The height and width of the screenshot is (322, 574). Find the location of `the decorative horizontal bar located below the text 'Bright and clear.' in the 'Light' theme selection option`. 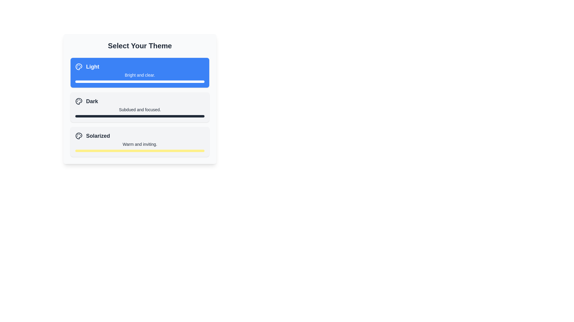

the decorative horizontal bar located below the text 'Bright and clear.' in the 'Light' theme selection option is located at coordinates (139, 81).